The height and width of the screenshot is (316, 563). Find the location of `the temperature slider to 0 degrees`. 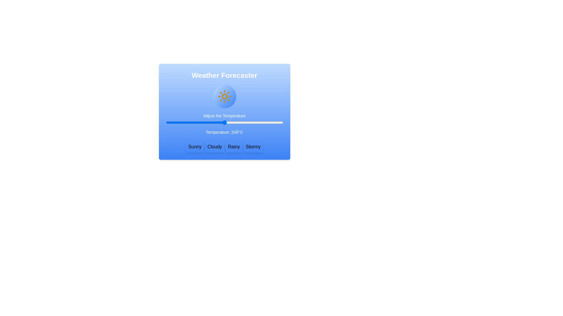

the temperature slider to 0 degrees is located at coordinates (185, 122).